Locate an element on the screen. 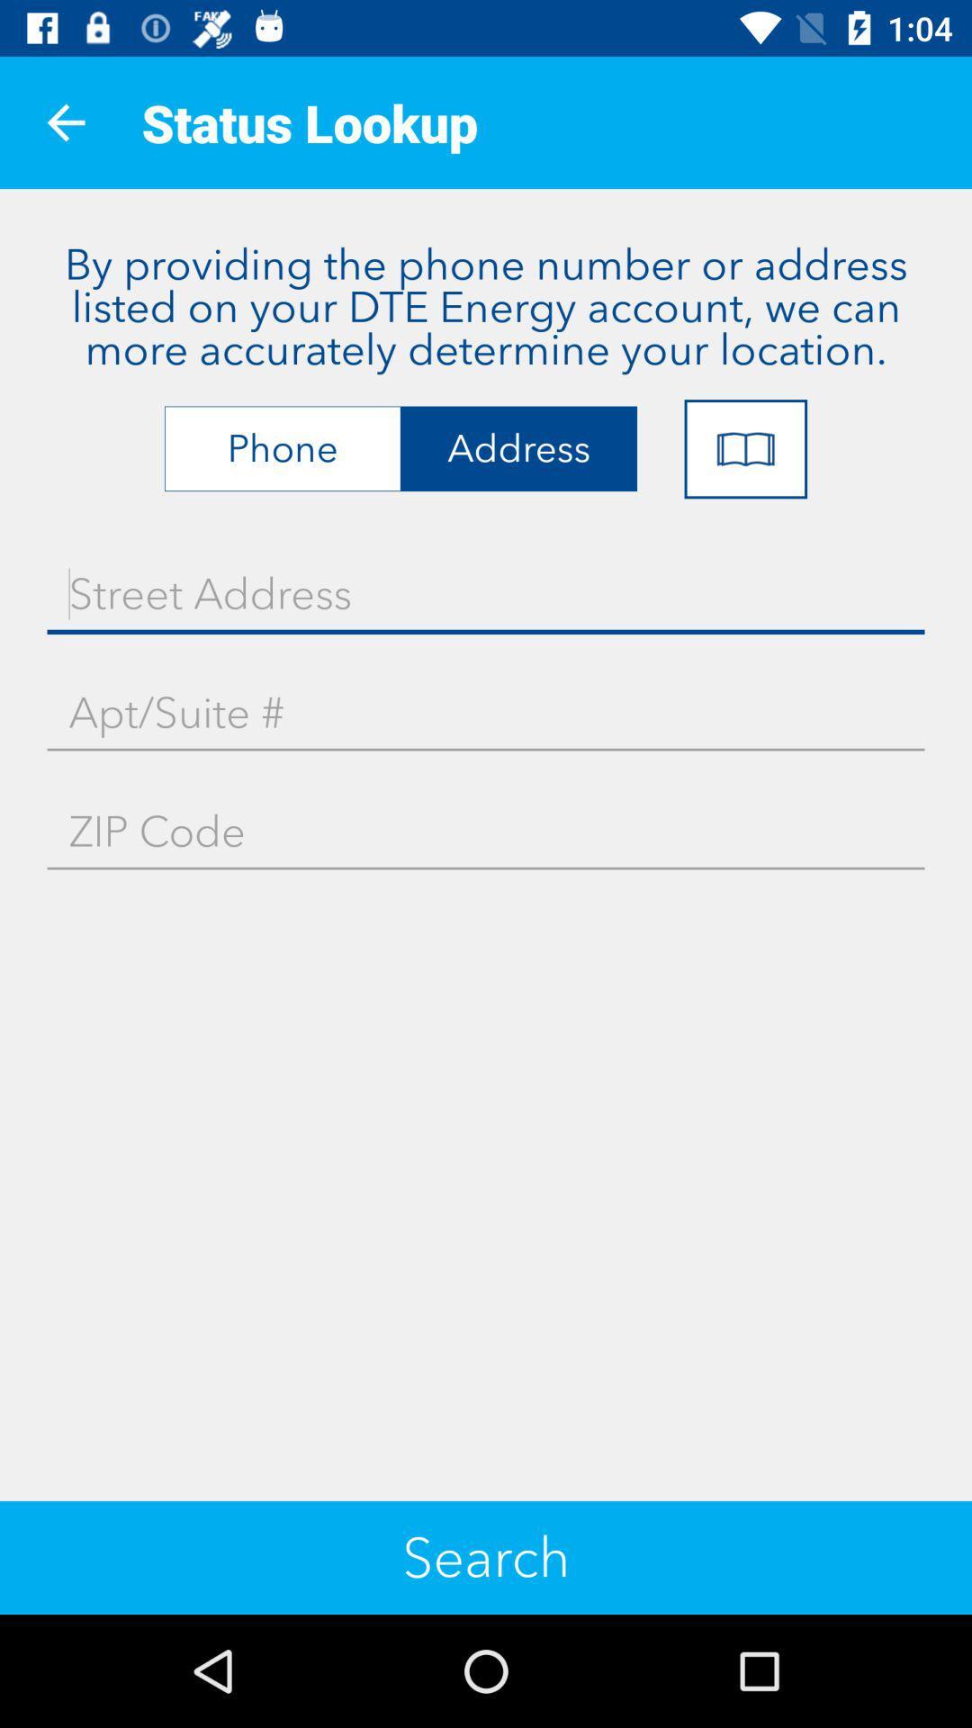  the icon next to the status lookup app is located at coordinates (65, 121).